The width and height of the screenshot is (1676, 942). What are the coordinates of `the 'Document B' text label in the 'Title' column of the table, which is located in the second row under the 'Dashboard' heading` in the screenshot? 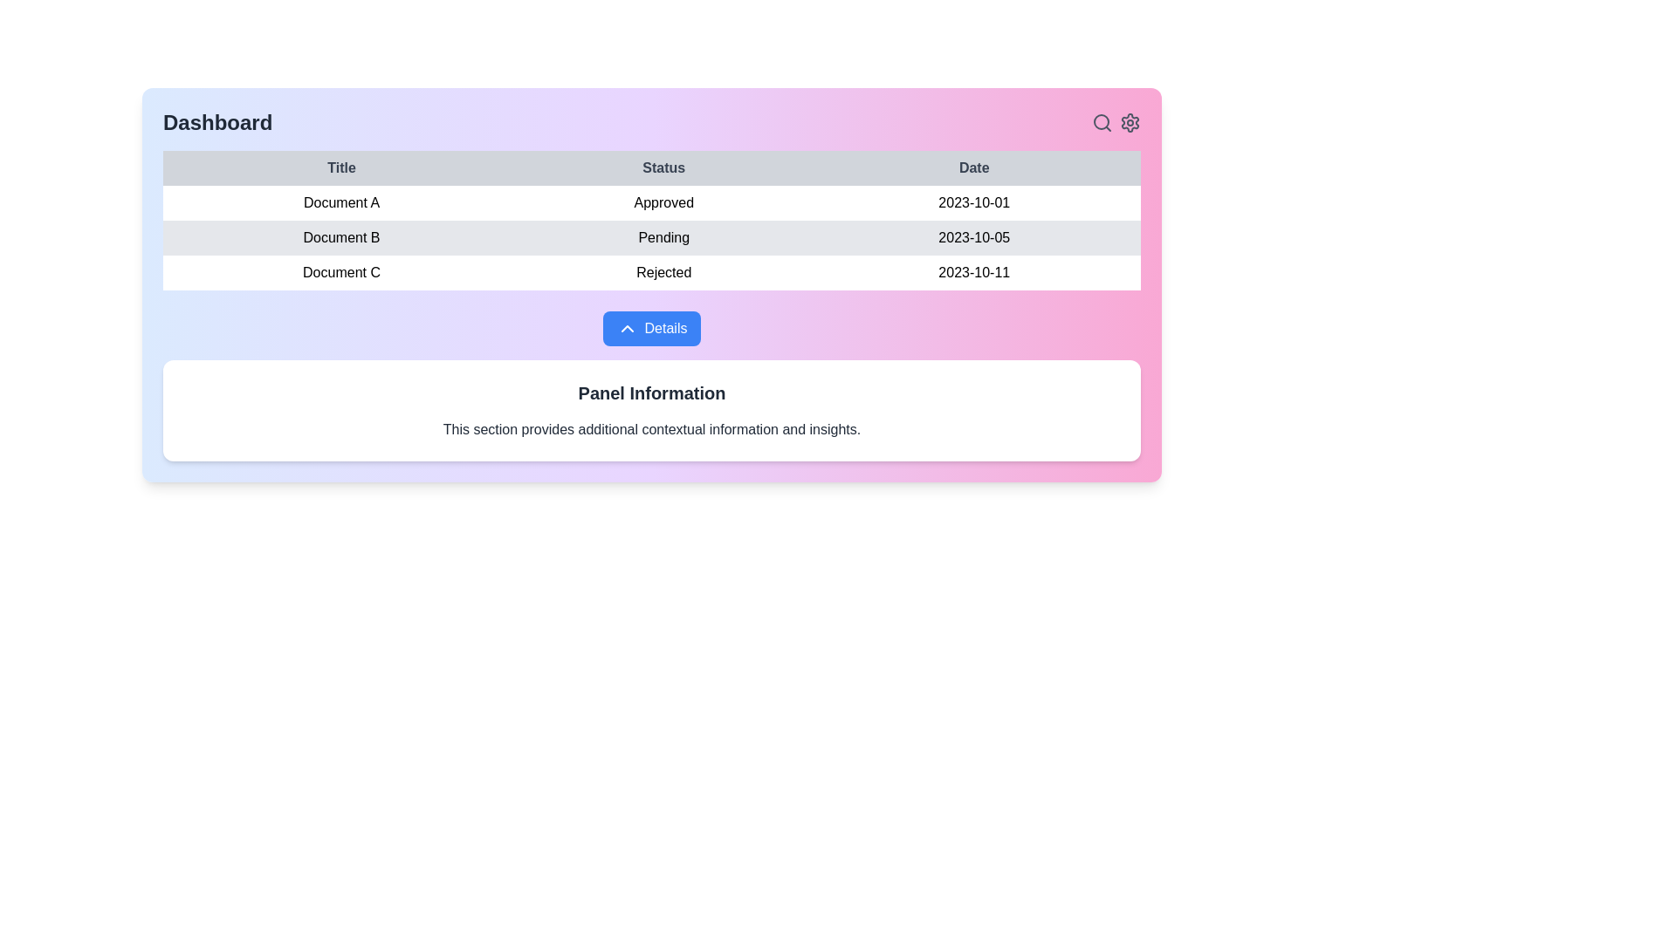 It's located at (341, 238).